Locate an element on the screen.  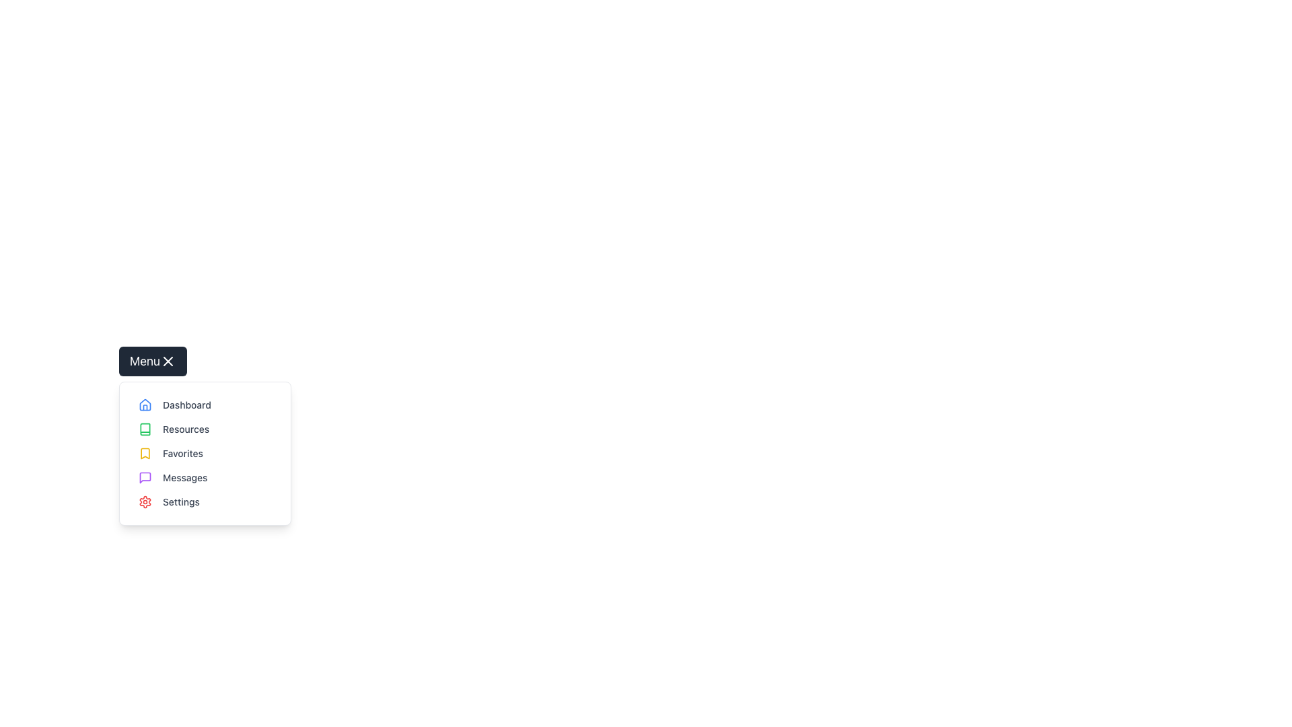
the 'Resources' menu item, which is the second entry in the vertical list menu with a green book icon to its left is located at coordinates (205, 429).